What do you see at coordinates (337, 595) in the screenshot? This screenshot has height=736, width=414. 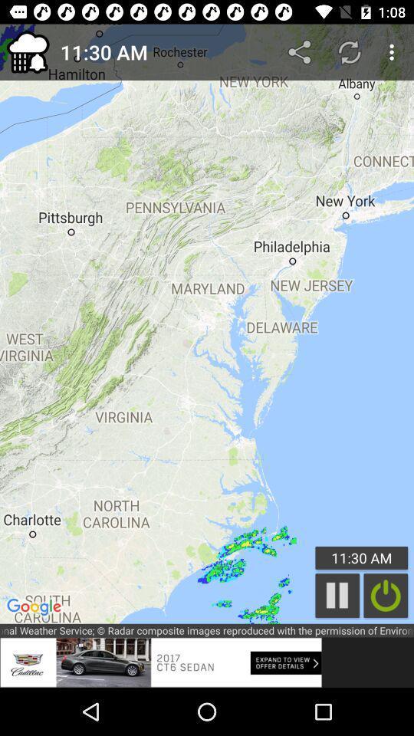 I see `the pause icon` at bounding box center [337, 595].